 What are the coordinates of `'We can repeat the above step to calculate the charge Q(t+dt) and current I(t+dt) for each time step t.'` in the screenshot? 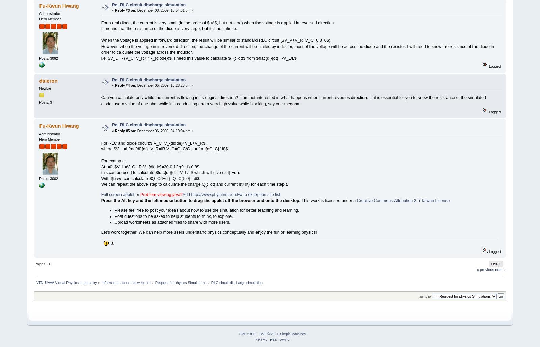 It's located at (194, 184).